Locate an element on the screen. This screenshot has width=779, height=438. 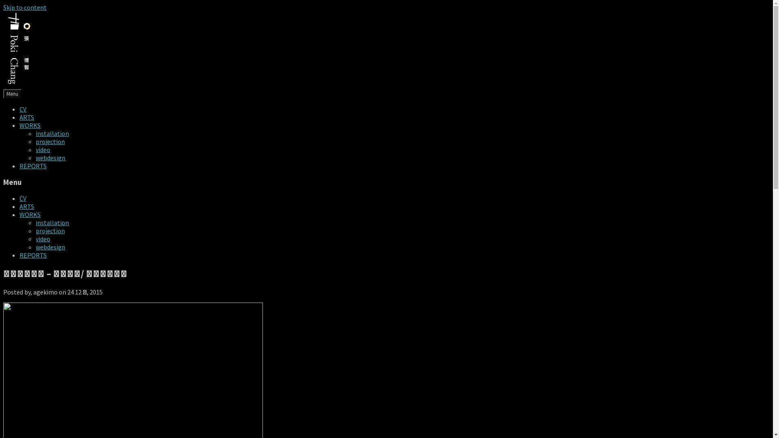
'Menu' is located at coordinates (12, 93).